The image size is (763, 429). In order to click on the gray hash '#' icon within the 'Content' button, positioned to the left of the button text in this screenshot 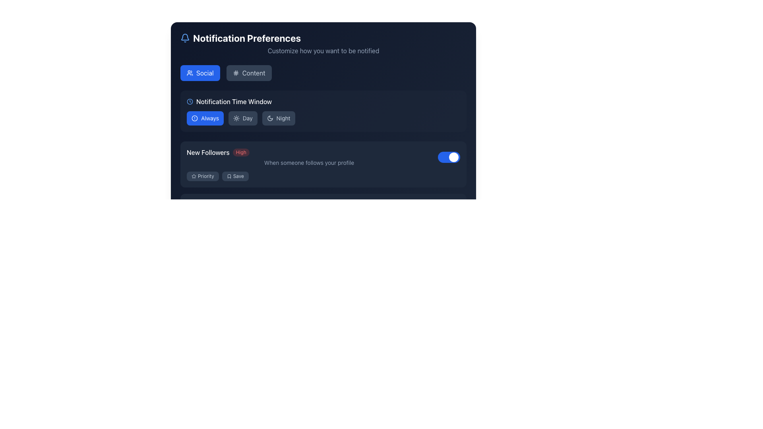, I will do `click(235, 73)`.